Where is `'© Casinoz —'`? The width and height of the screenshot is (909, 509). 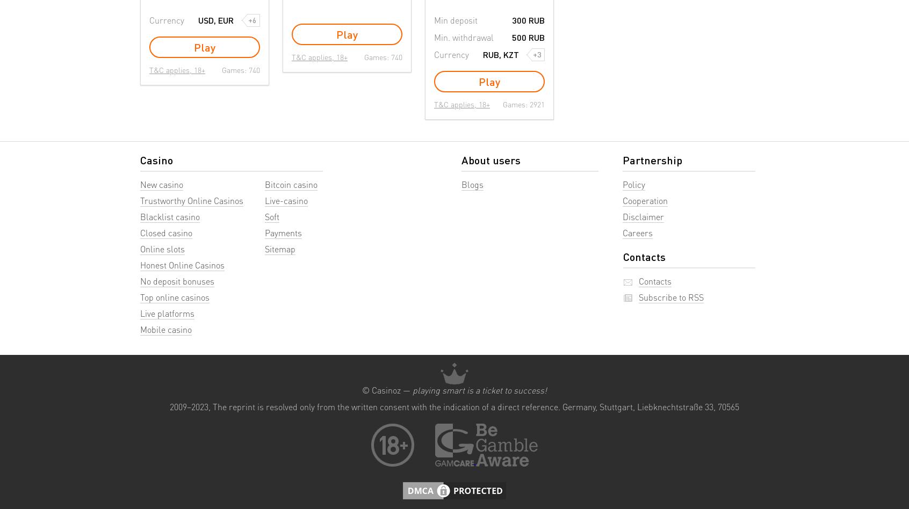
'© Casinoz —' is located at coordinates (386, 389).